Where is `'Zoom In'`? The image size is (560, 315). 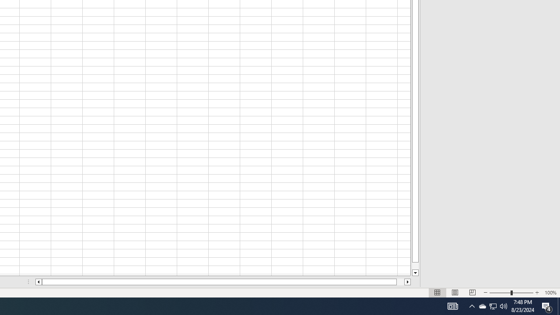
'Zoom In' is located at coordinates (536, 293).